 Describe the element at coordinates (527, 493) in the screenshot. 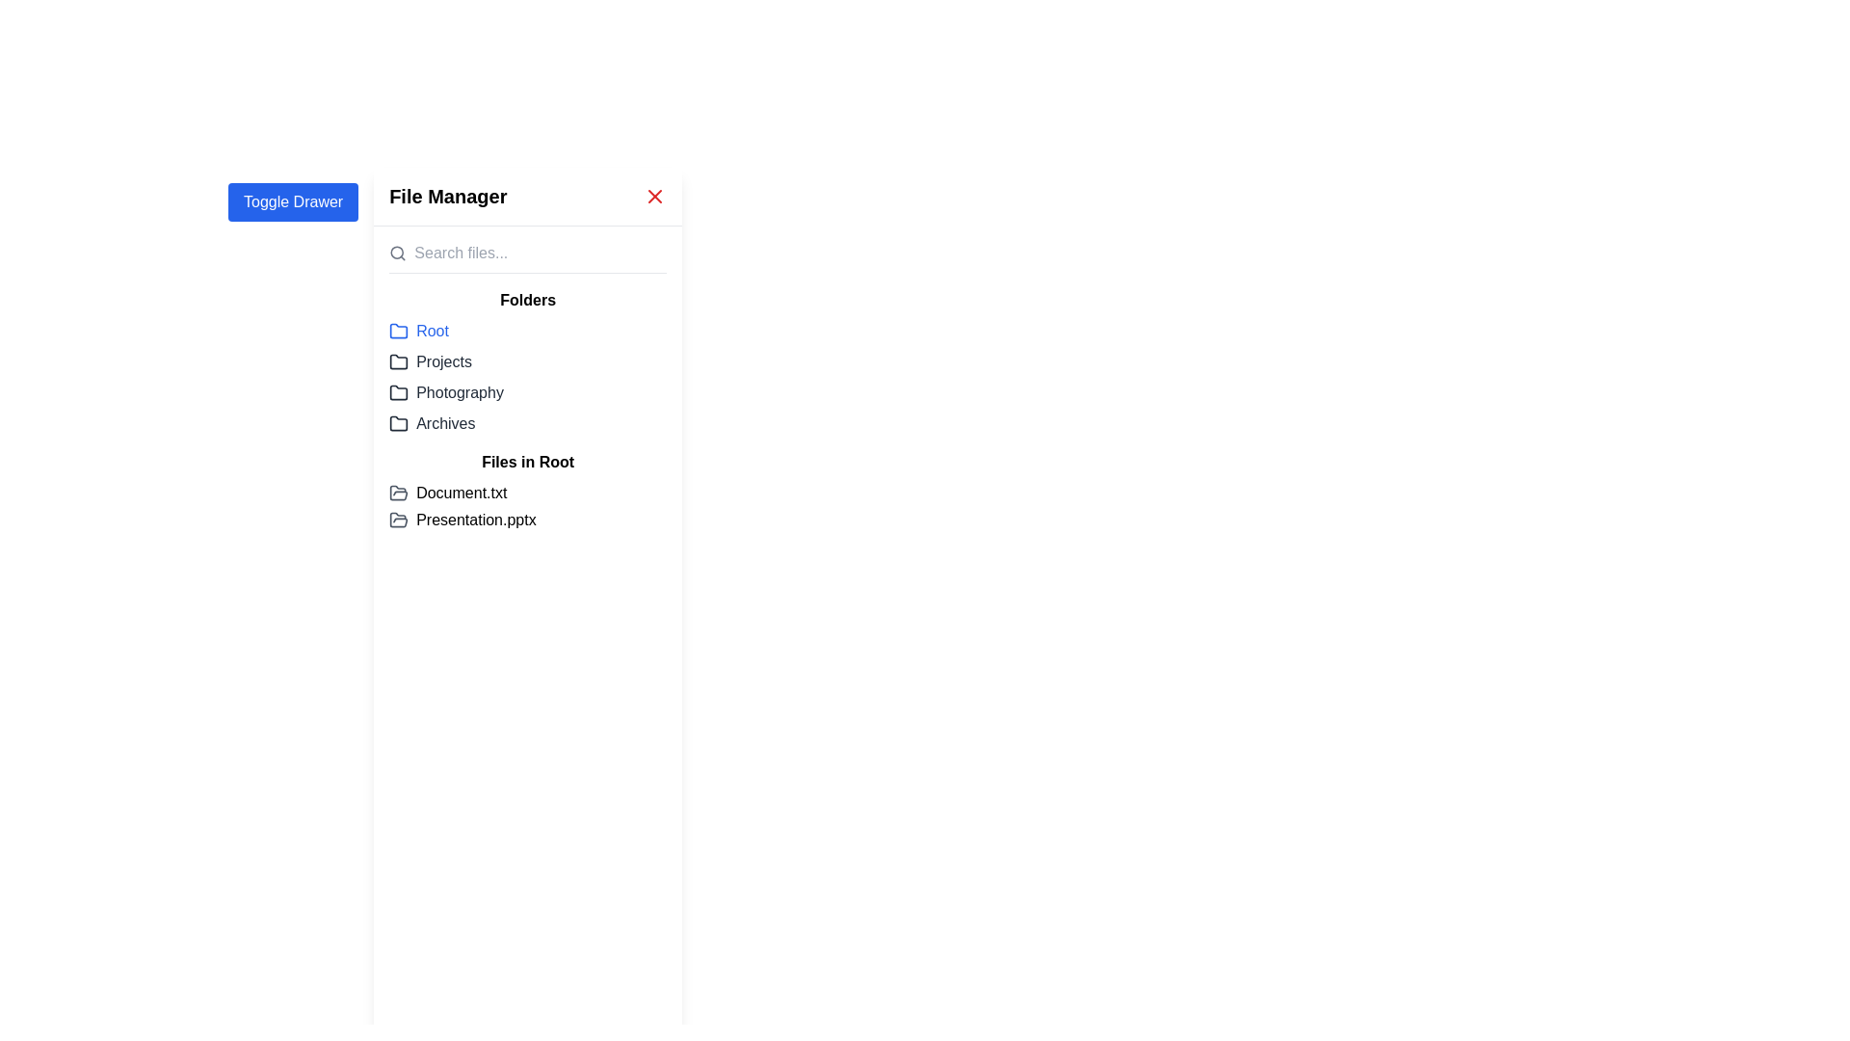

I see `on the first file entry labeled 'Document.txt' located in the 'Files in Root' section of the file management panel` at that location.